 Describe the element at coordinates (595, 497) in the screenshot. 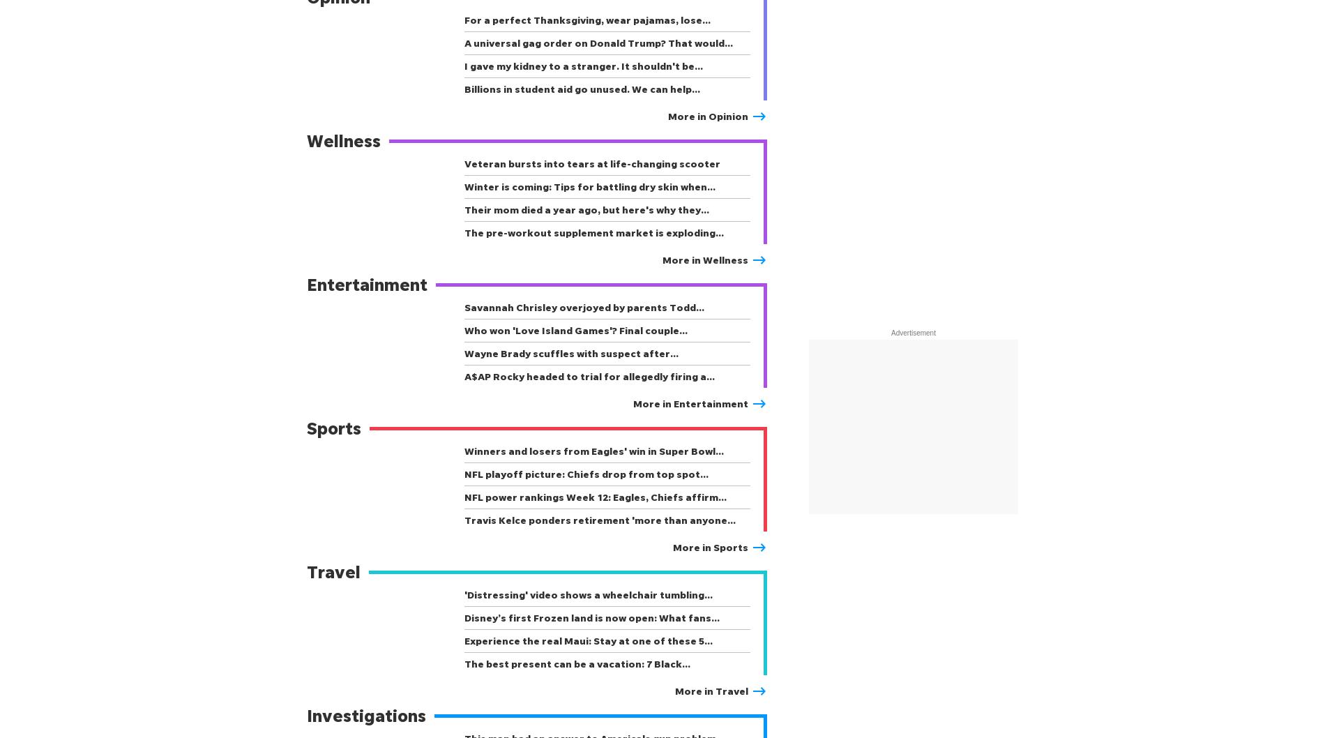

I see `'NFL power rankings Week 12: Eagles, Chiefs affirm…'` at that location.